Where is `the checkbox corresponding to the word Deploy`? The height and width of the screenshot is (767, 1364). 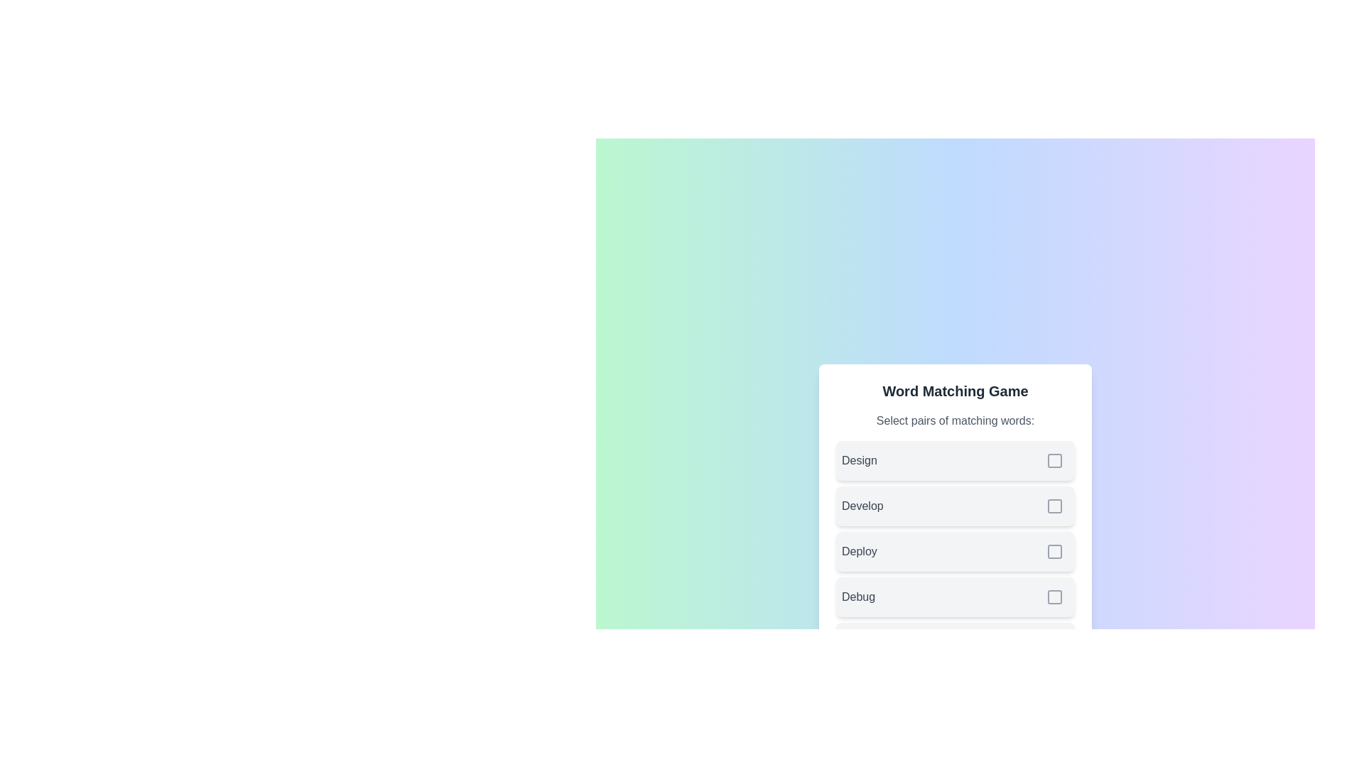 the checkbox corresponding to the word Deploy is located at coordinates (1054, 550).